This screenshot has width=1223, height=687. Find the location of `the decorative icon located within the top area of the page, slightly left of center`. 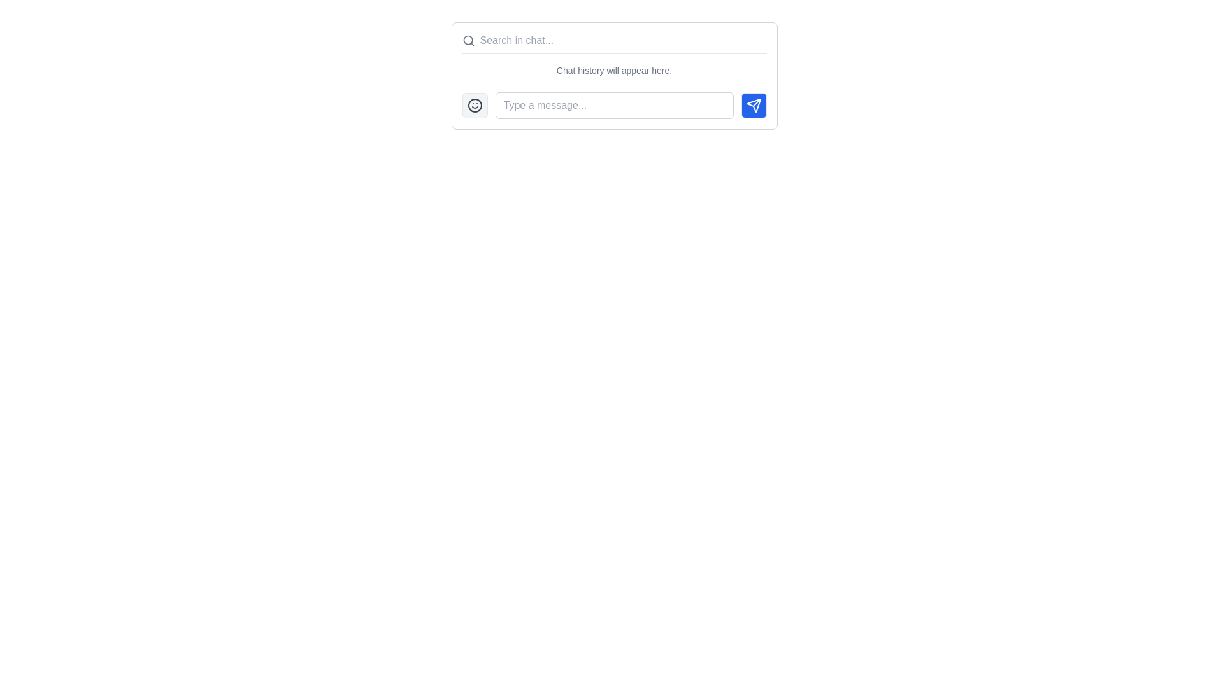

the decorative icon located within the top area of the page, slightly left of center is located at coordinates (474, 104).